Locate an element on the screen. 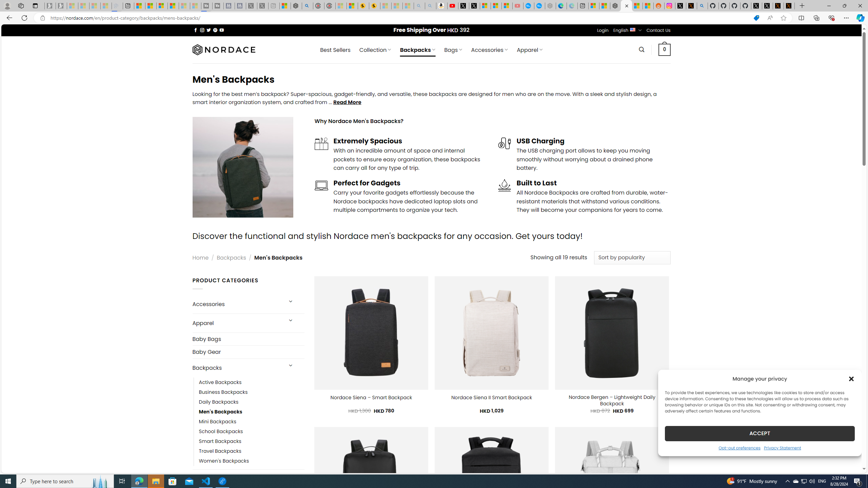  'GitHub (@github) / X' is located at coordinates (767, 5).